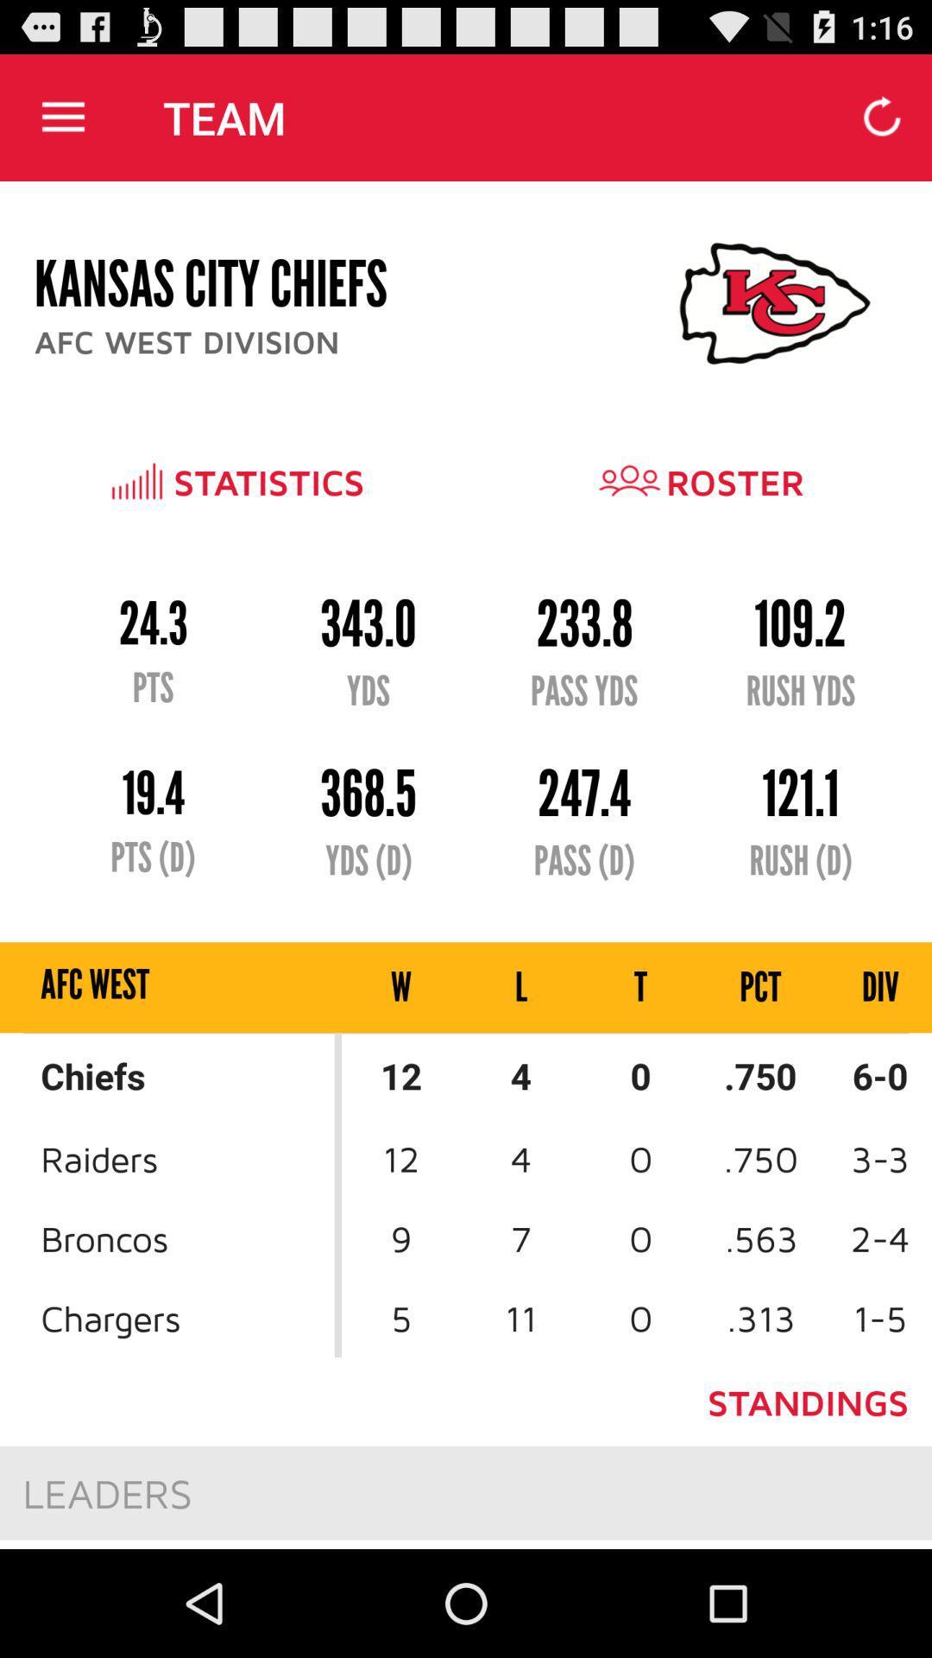 This screenshot has height=1658, width=932. I want to click on the icon next to pct, so click(640, 987).